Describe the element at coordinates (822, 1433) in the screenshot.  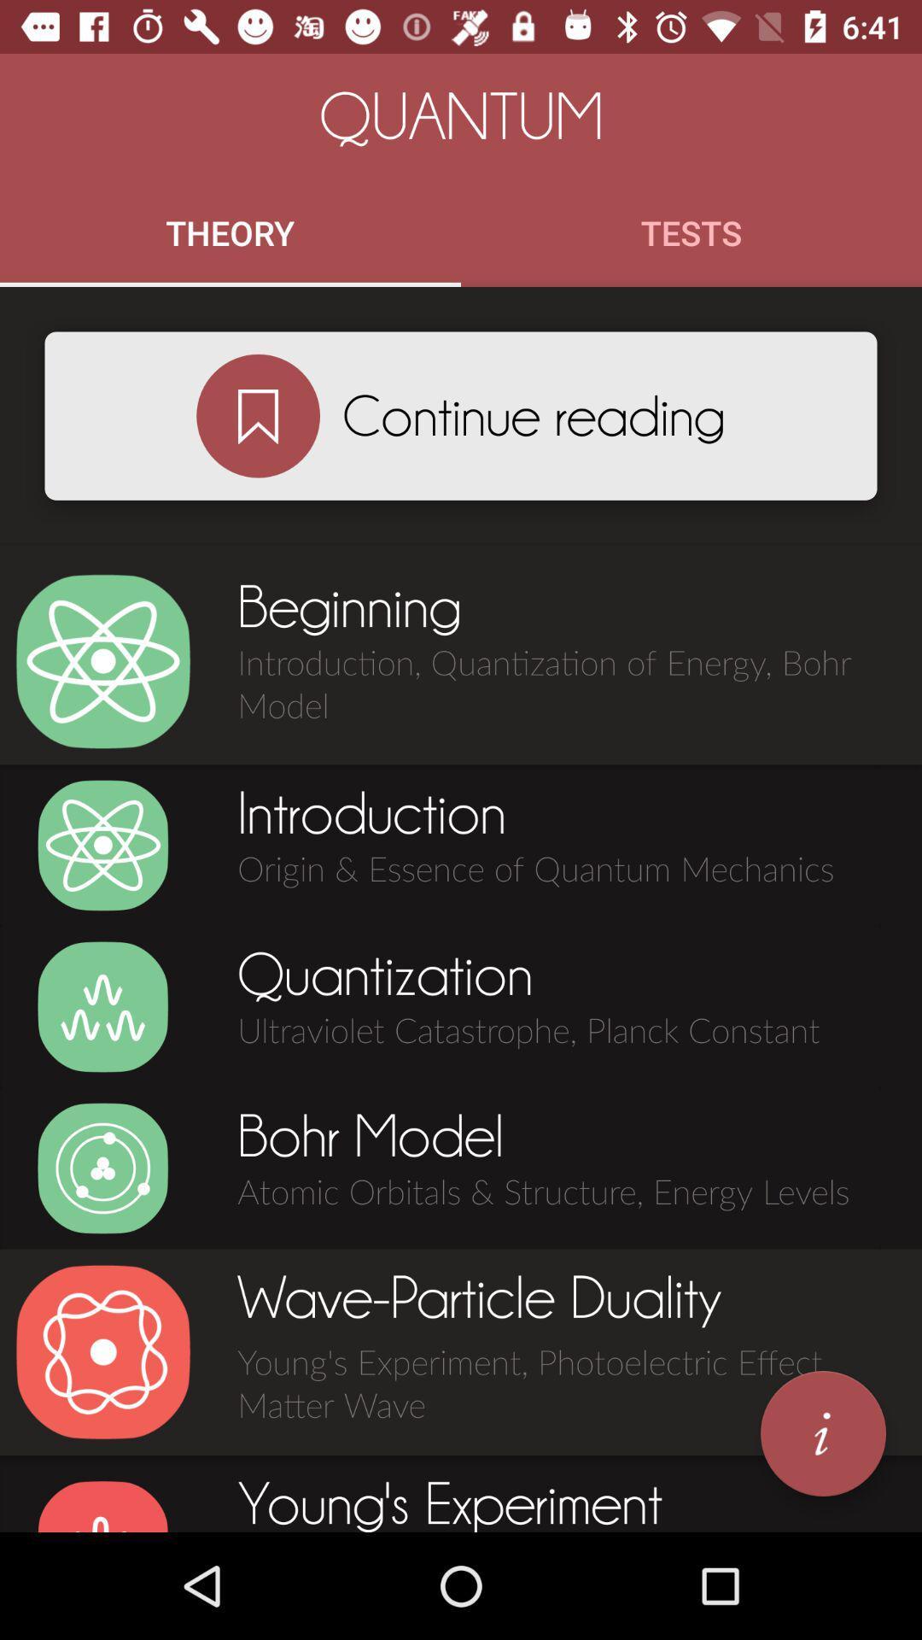
I see `the info icon` at that location.